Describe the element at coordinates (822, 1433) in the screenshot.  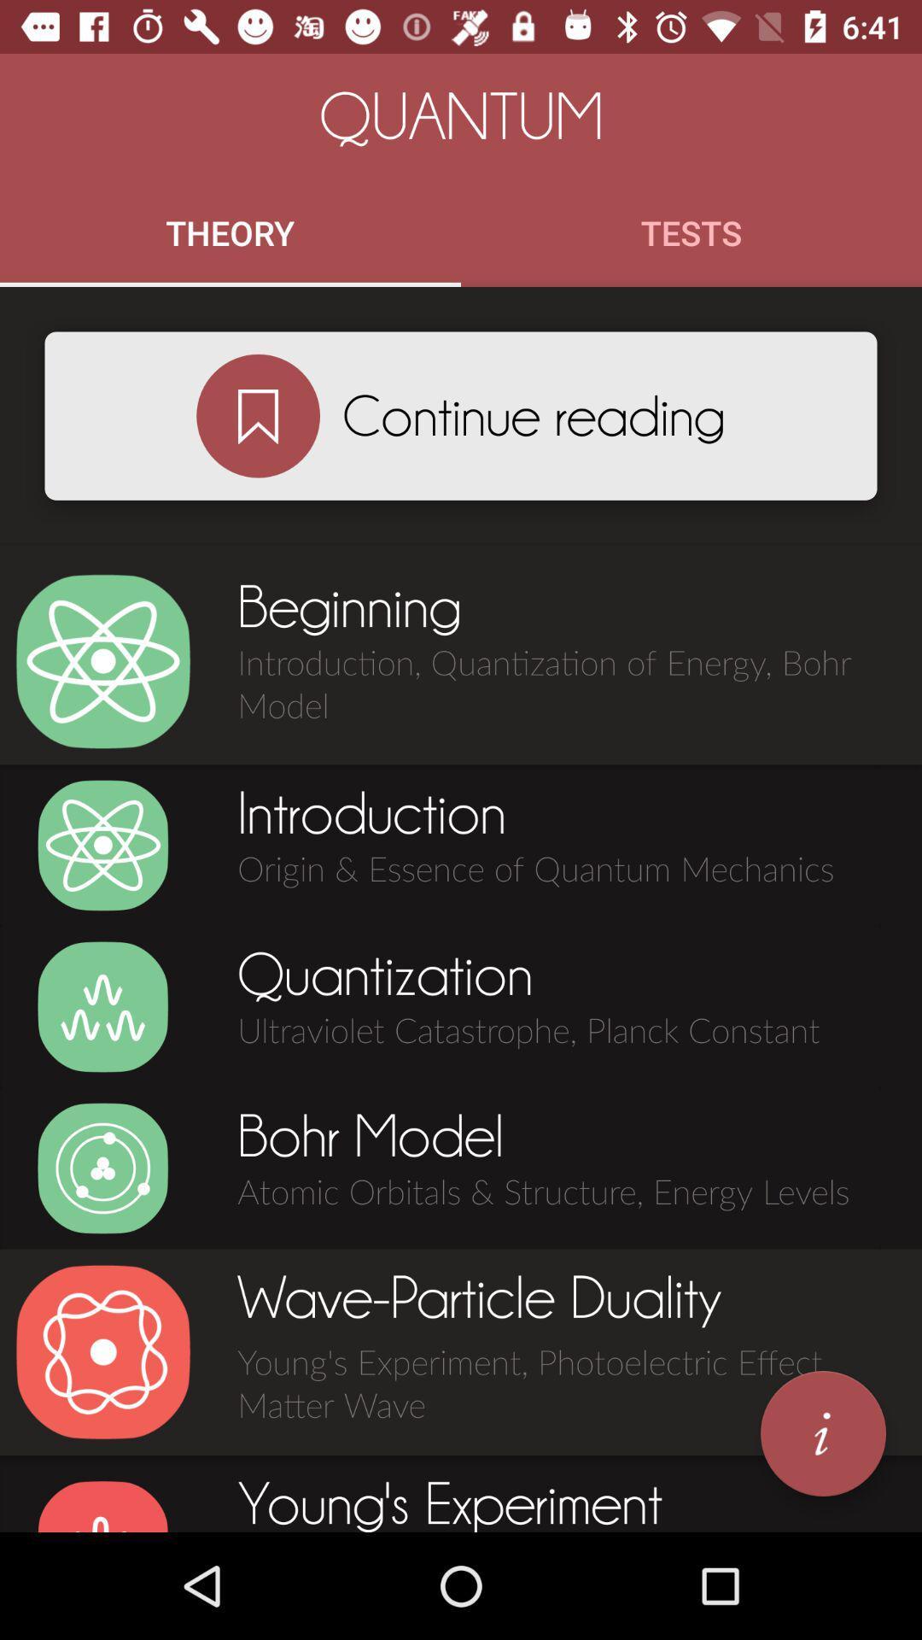
I see `the info icon` at that location.